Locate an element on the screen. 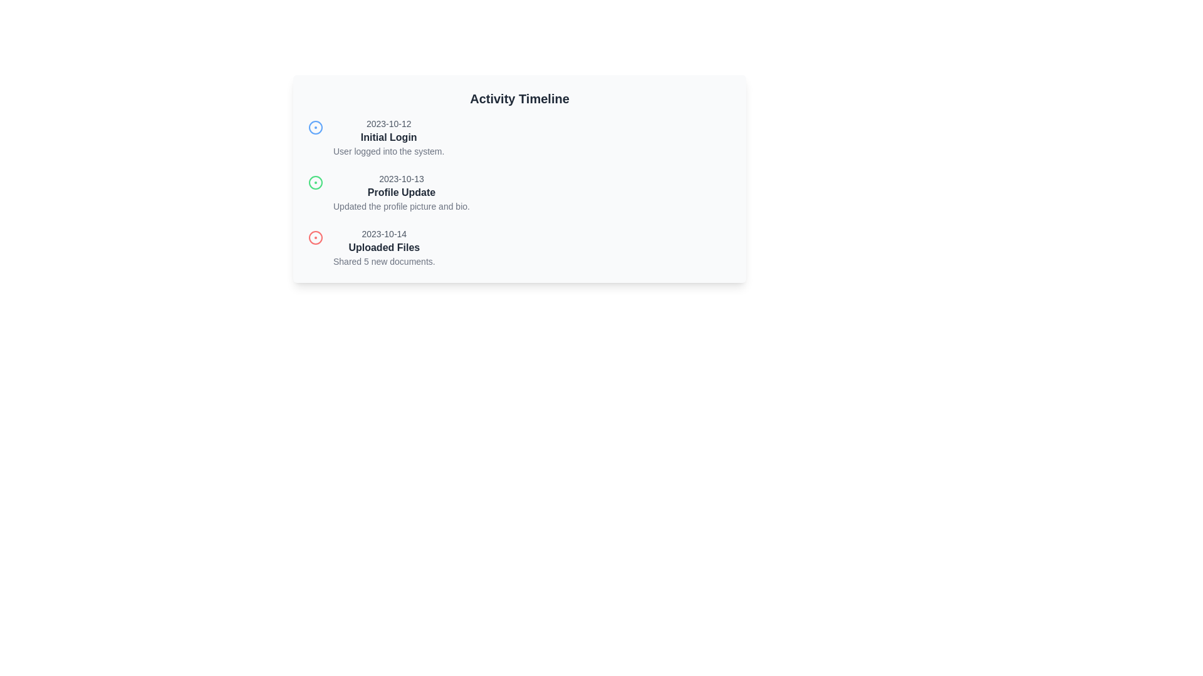 The height and width of the screenshot is (676, 1203). the text label that indicates files were uploaded, located in the activity timeline section between the date '2023-10-14' and the description 'Shared 5 new documents.' is located at coordinates (383, 248).